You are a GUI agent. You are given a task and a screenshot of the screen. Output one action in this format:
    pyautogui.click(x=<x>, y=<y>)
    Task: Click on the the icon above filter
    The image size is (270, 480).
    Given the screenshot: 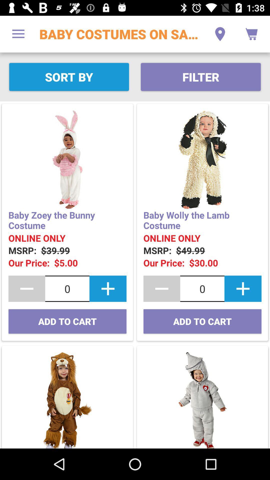 What is the action you would take?
    pyautogui.click(x=220, y=34)
    